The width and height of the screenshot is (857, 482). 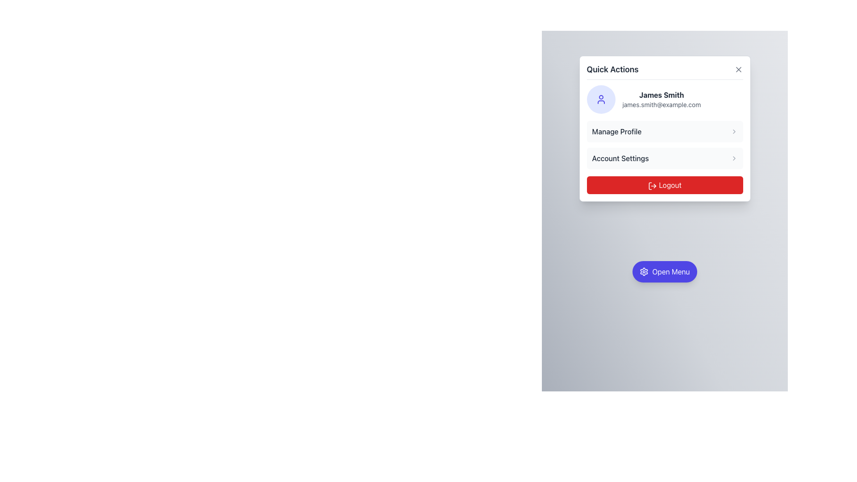 What do you see at coordinates (665, 131) in the screenshot?
I see `the 'Manage Profile' list item element, which is the first item in a dropdown-style popup with a light gray background and rounded corners` at bounding box center [665, 131].